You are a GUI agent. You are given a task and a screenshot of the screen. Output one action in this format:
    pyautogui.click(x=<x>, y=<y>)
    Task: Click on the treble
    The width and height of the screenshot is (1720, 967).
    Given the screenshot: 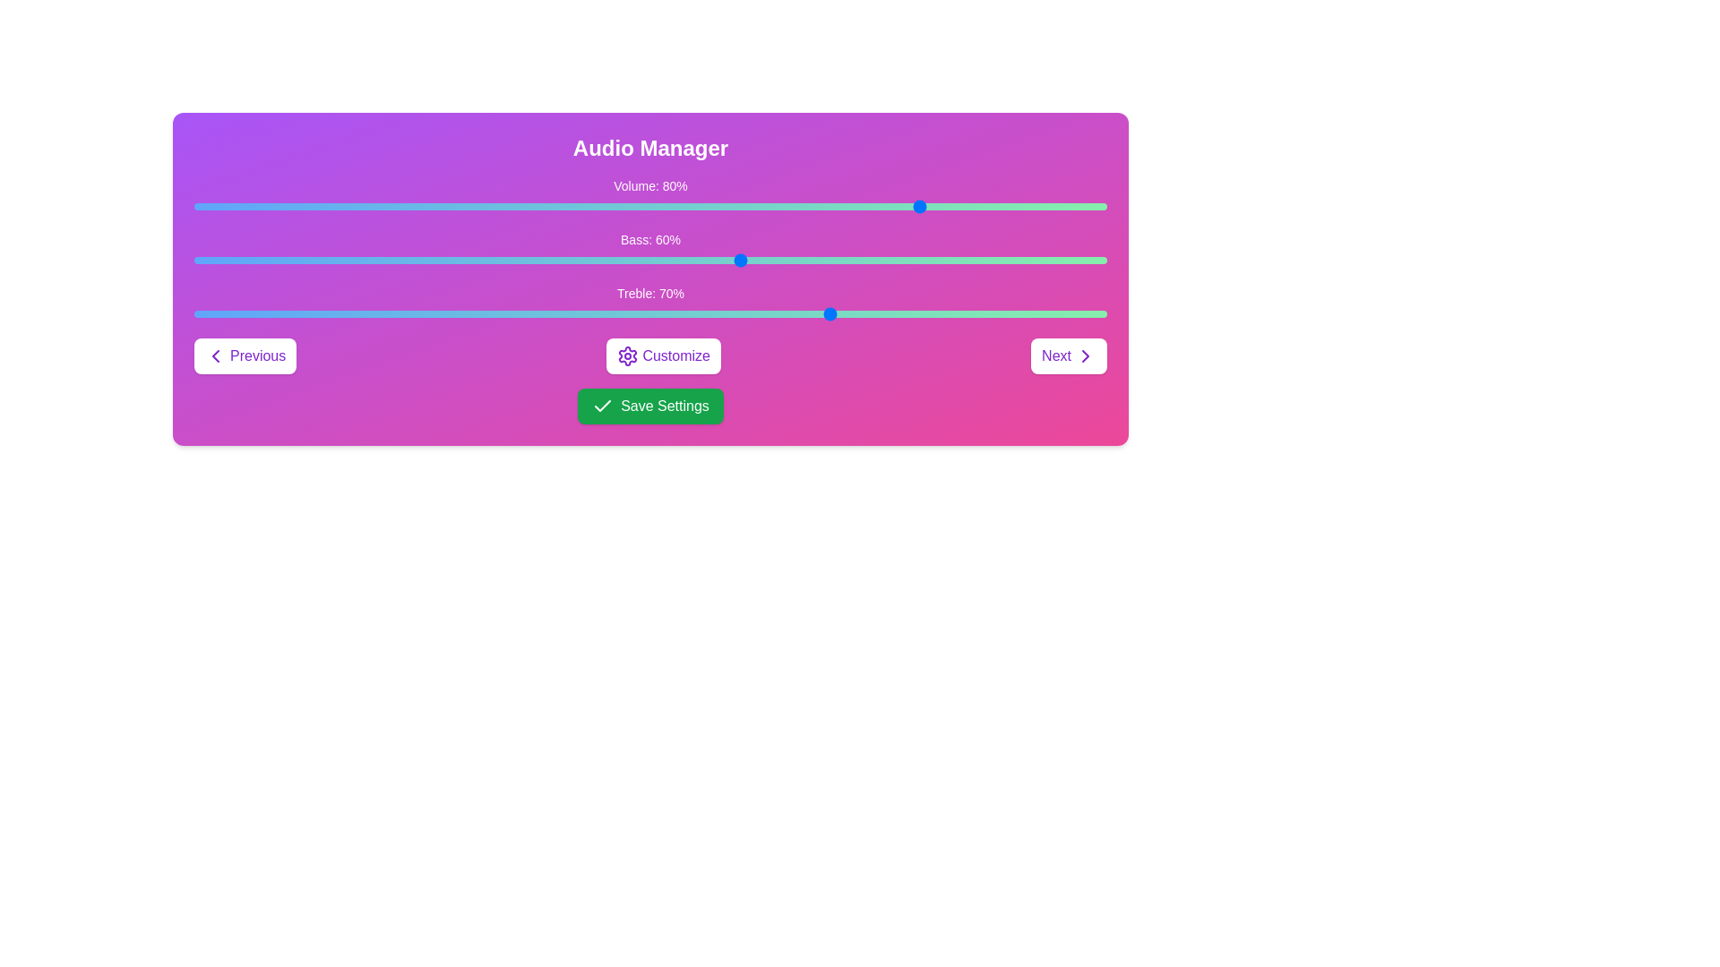 What is the action you would take?
    pyautogui.click(x=658, y=313)
    